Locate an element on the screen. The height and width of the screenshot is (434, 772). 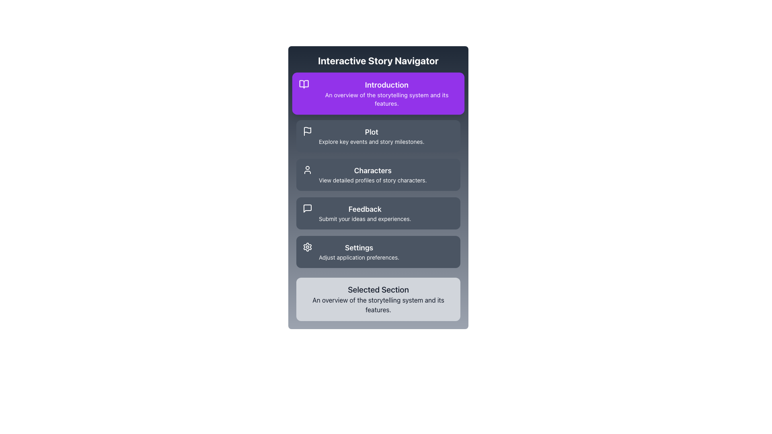
the first menu item in the sidebar that navigates to the 'Introduction' section is located at coordinates (386, 93).